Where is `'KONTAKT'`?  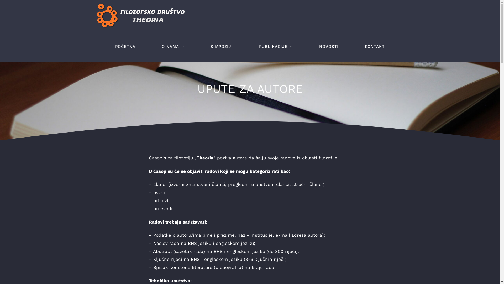
'KONTAKT' is located at coordinates (374, 46).